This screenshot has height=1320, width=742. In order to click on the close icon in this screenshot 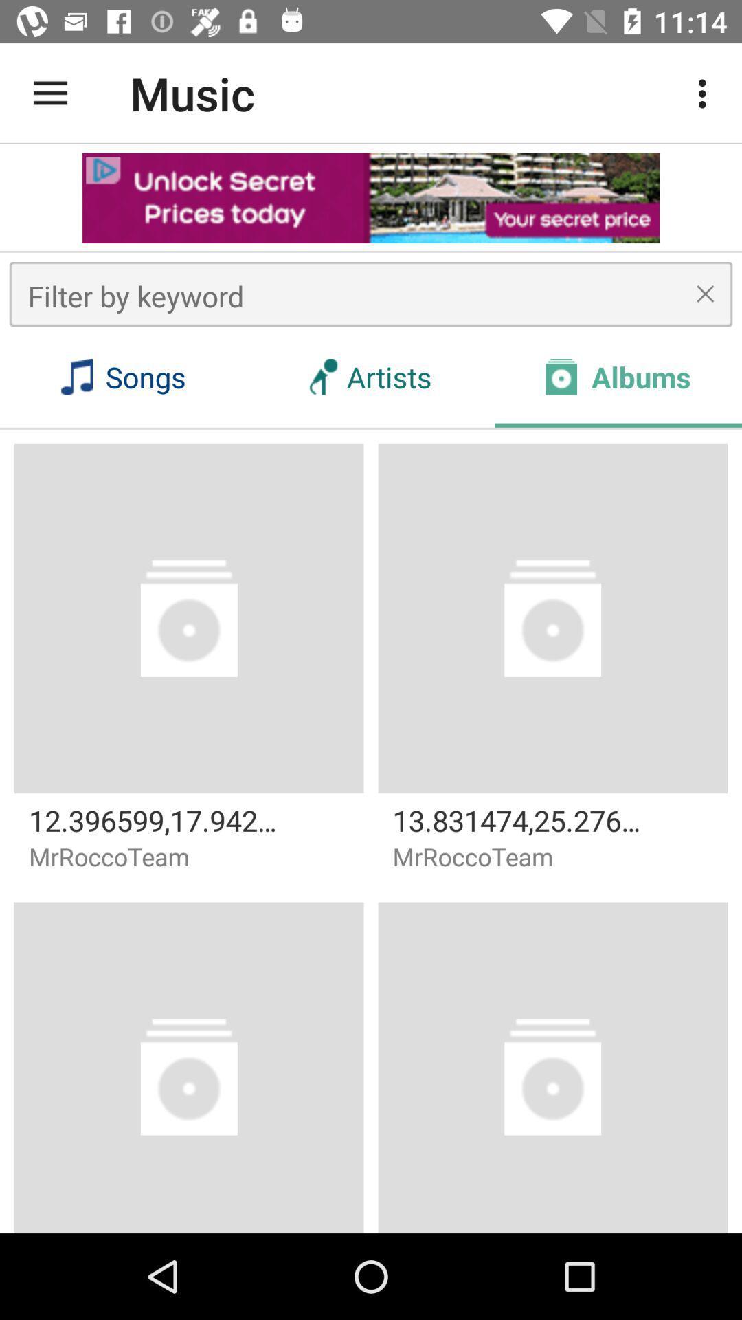, I will do `click(705, 293)`.